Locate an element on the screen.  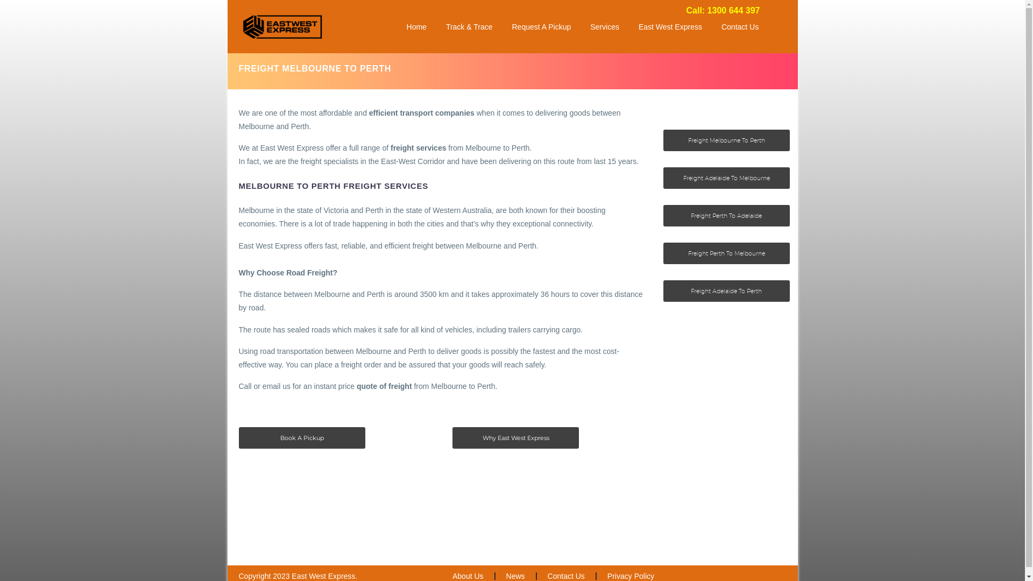
'About Us' is located at coordinates (468, 576).